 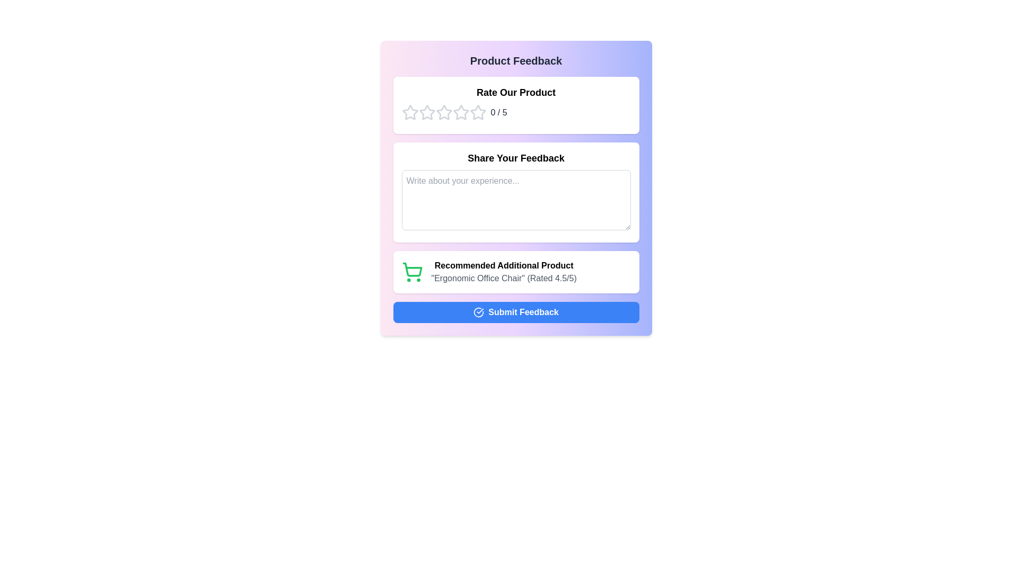 I want to click on the second star in the rating system to provide a 2-star rating for the product, so click(x=427, y=112).